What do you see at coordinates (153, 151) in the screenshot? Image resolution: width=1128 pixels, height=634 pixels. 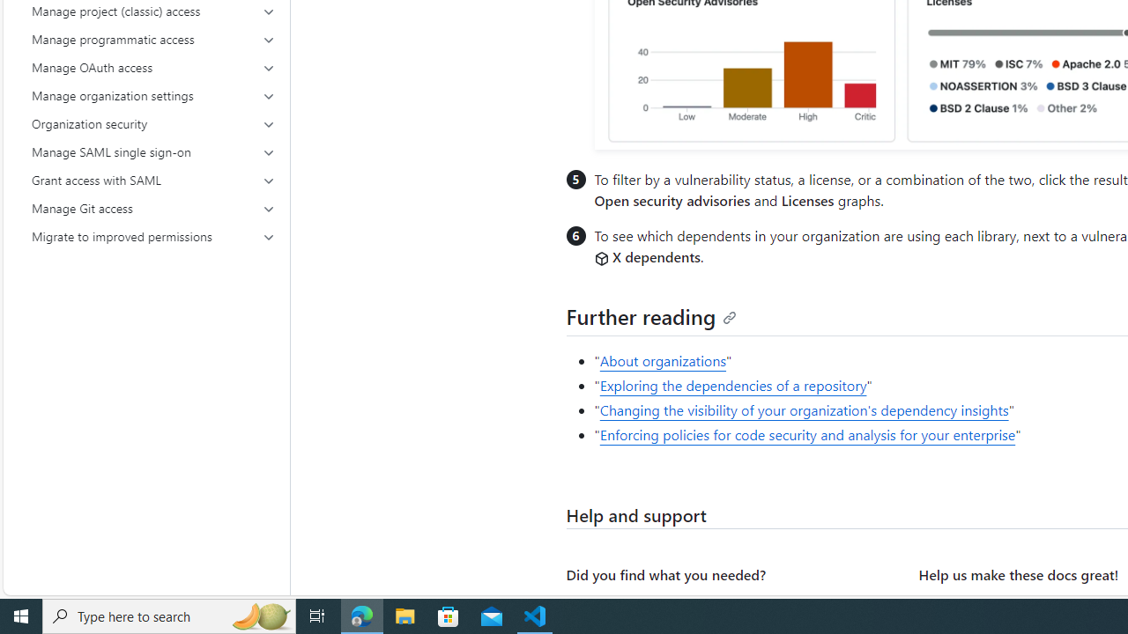 I see `'Manage SAML single sign-on'` at bounding box center [153, 151].